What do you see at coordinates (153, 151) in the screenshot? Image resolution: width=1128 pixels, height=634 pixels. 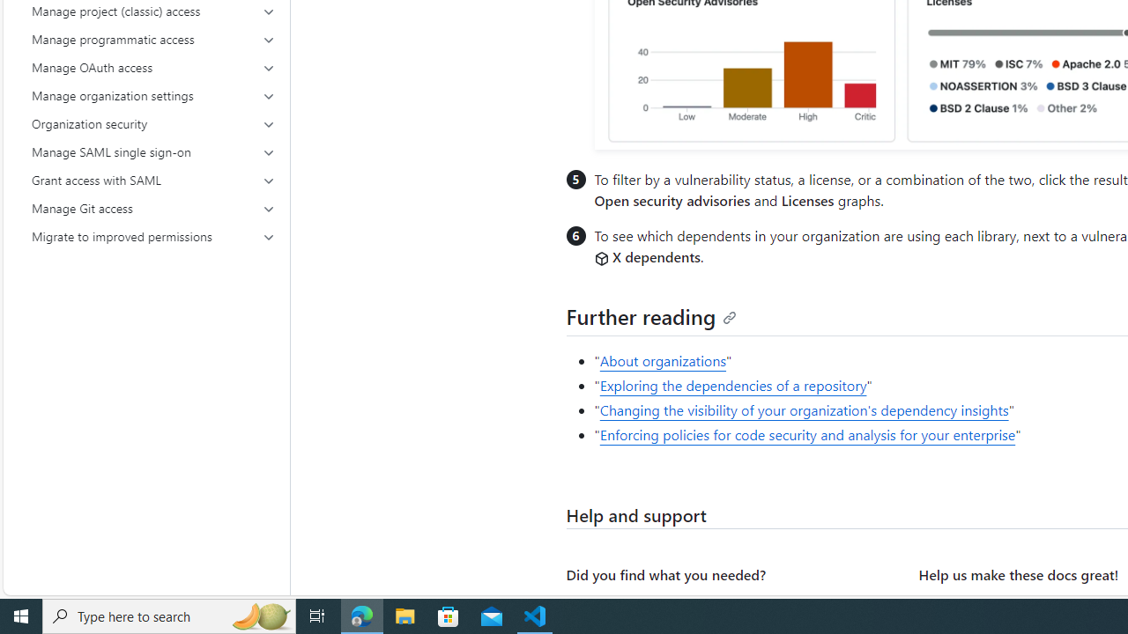 I see `'Manage SAML single sign-on'` at bounding box center [153, 151].